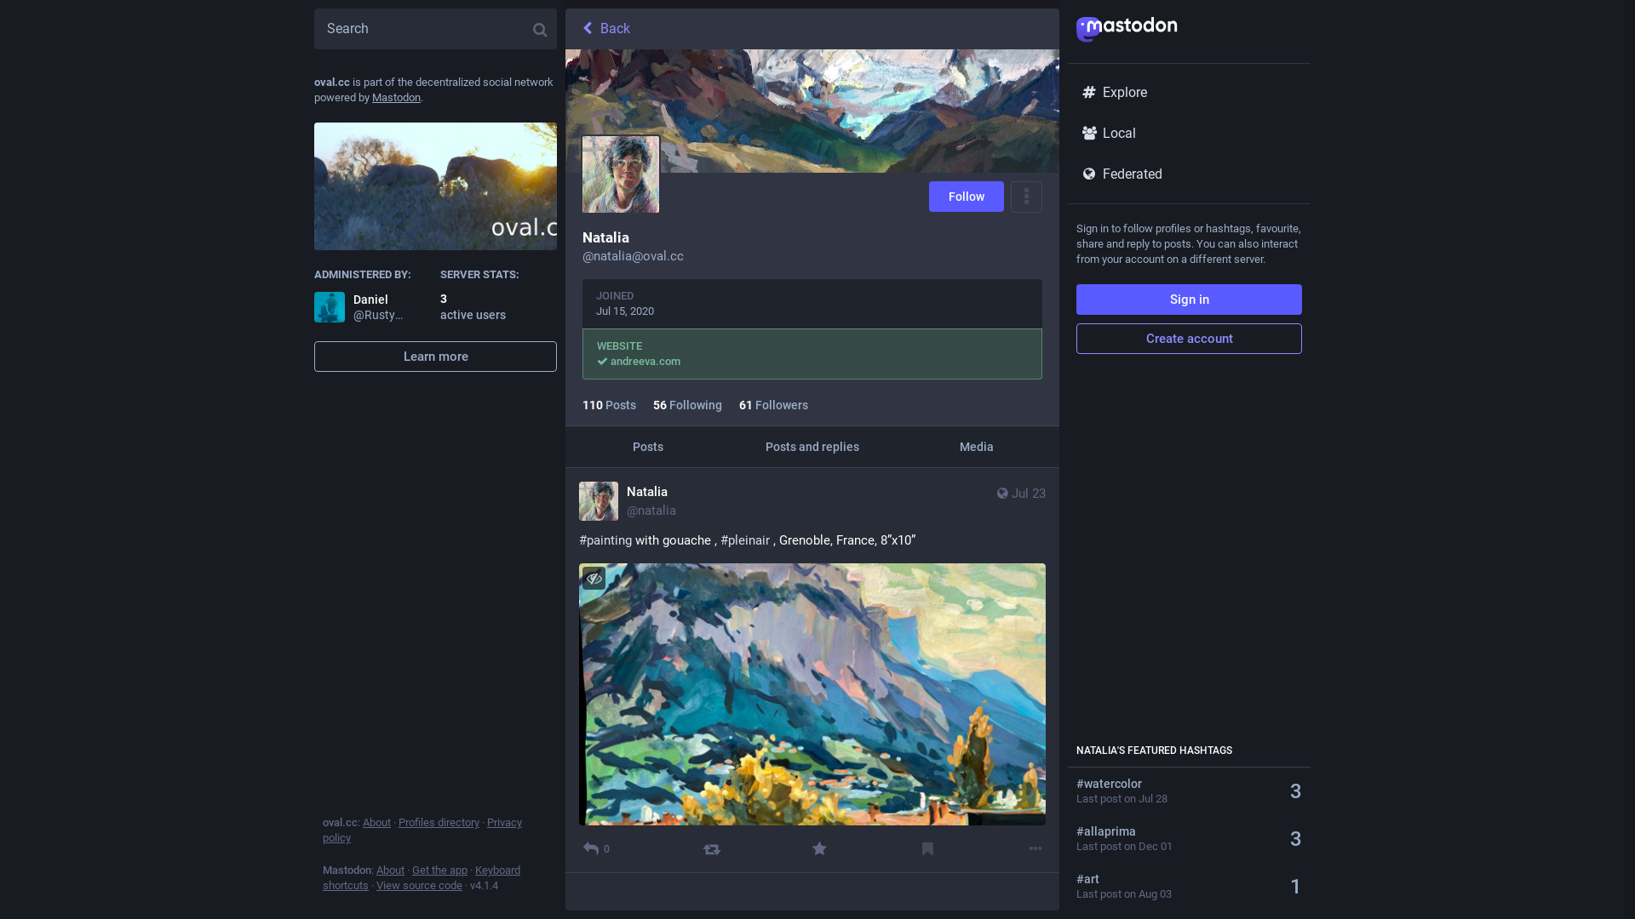 This screenshot has height=919, width=1635. What do you see at coordinates (579, 848) in the screenshot?
I see `'0'` at bounding box center [579, 848].